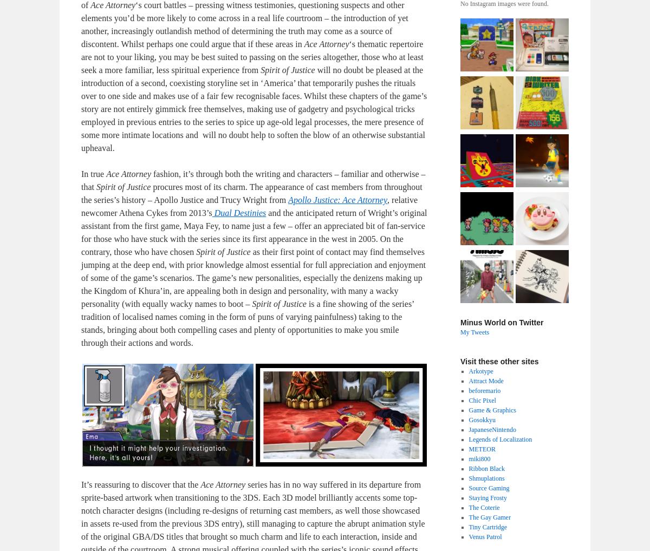  I want to click on 'Arkotype', so click(480, 371).